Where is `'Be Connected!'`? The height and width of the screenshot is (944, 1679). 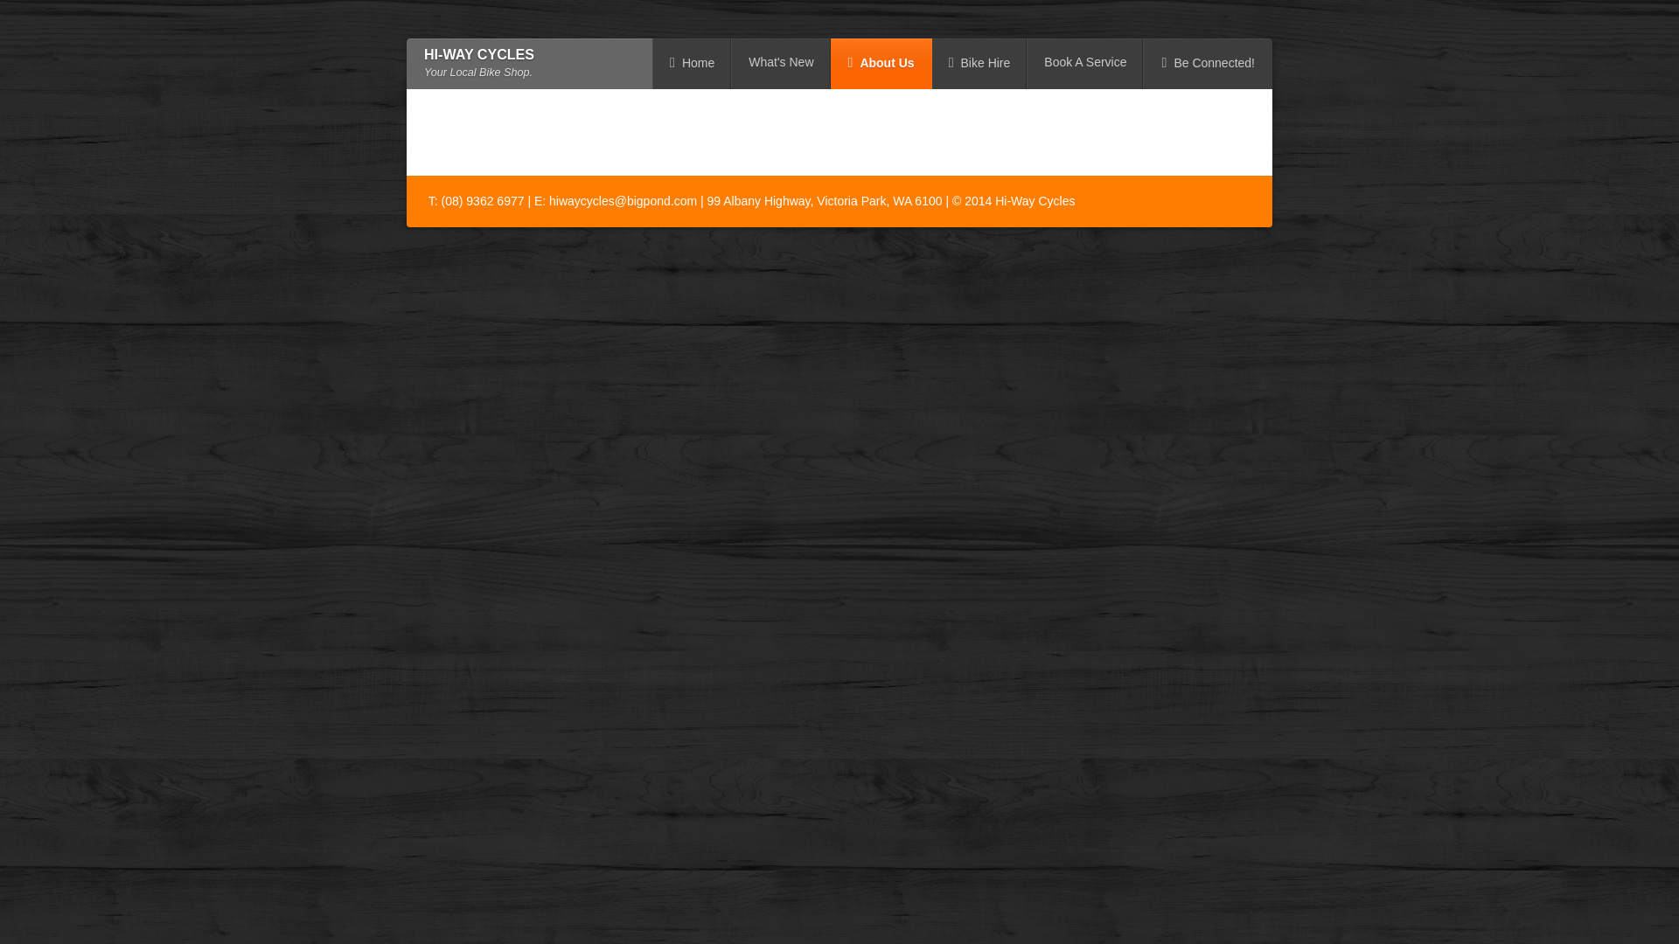
'Be Connected!' is located at coordinates (1144, 63).